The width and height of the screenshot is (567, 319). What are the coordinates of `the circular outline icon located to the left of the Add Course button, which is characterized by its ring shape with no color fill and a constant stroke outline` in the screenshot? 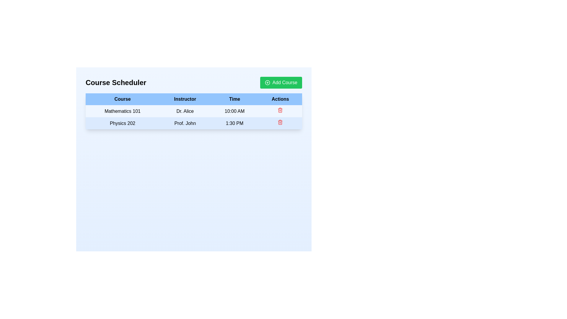 It's located at (267, 83).